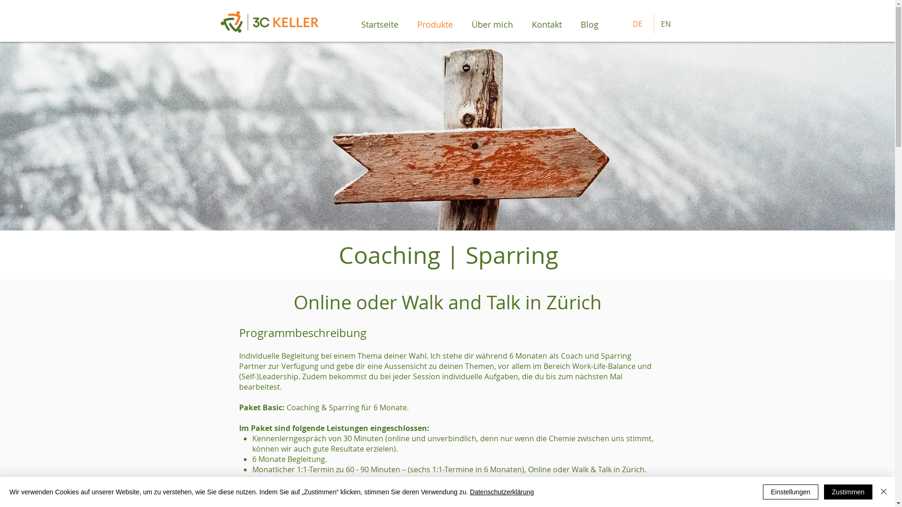  What do you see at coordinates (790, 492) in the screenshot?
I see `'Einstellungen'` at bounding box center [790, 492].